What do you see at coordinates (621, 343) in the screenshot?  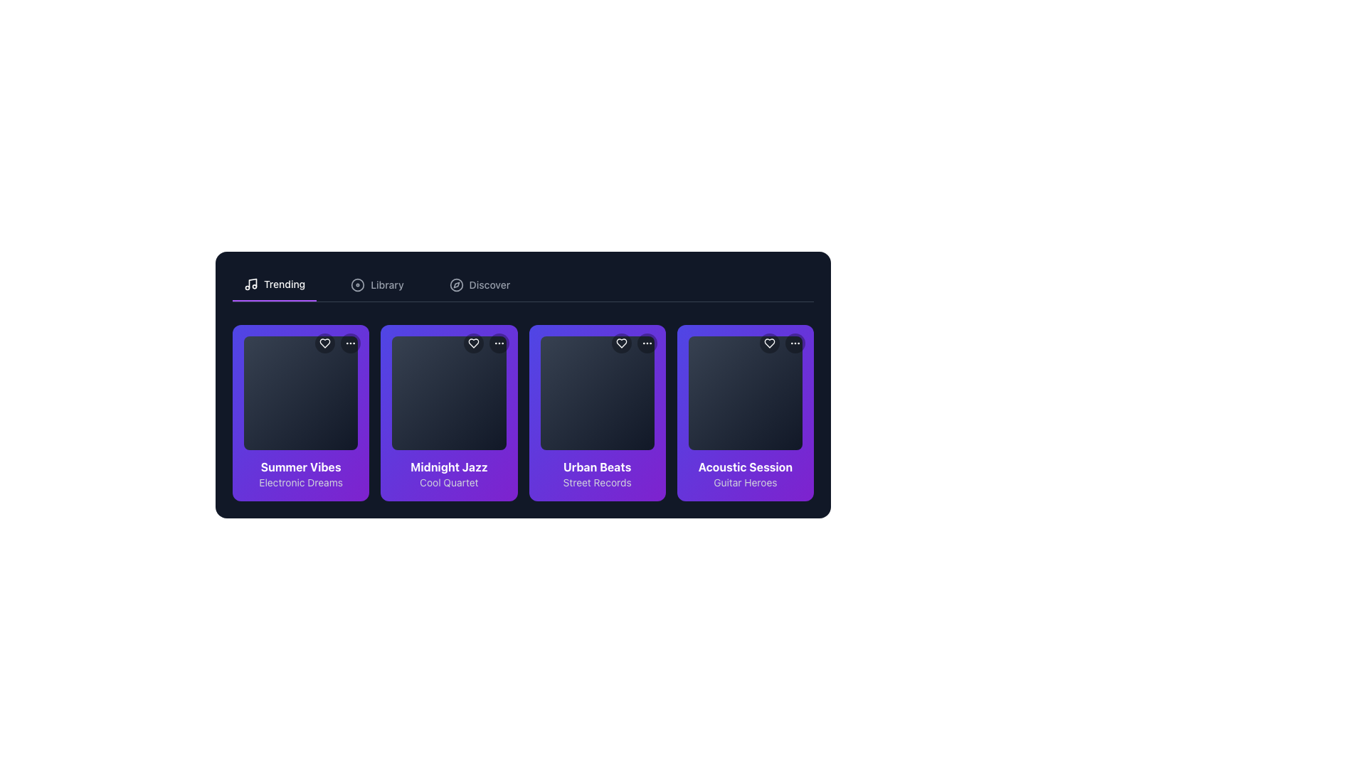 I see `the circular button with a semi-transparent black background and a white heart icon in the top-right corner of the 'Urban Beats' card to mark the item as favorite` at bounding box center [621, 343].